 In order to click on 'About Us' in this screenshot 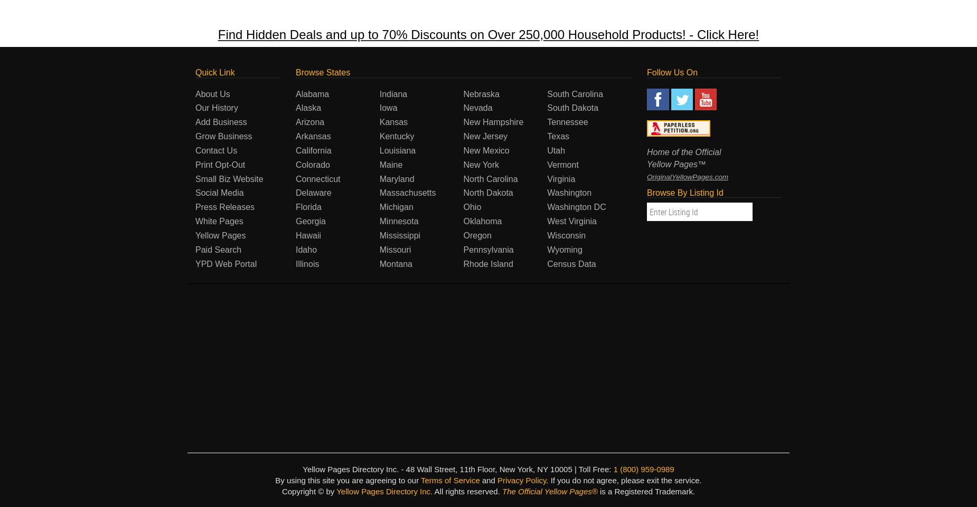, I will do `click(212, 93)`.